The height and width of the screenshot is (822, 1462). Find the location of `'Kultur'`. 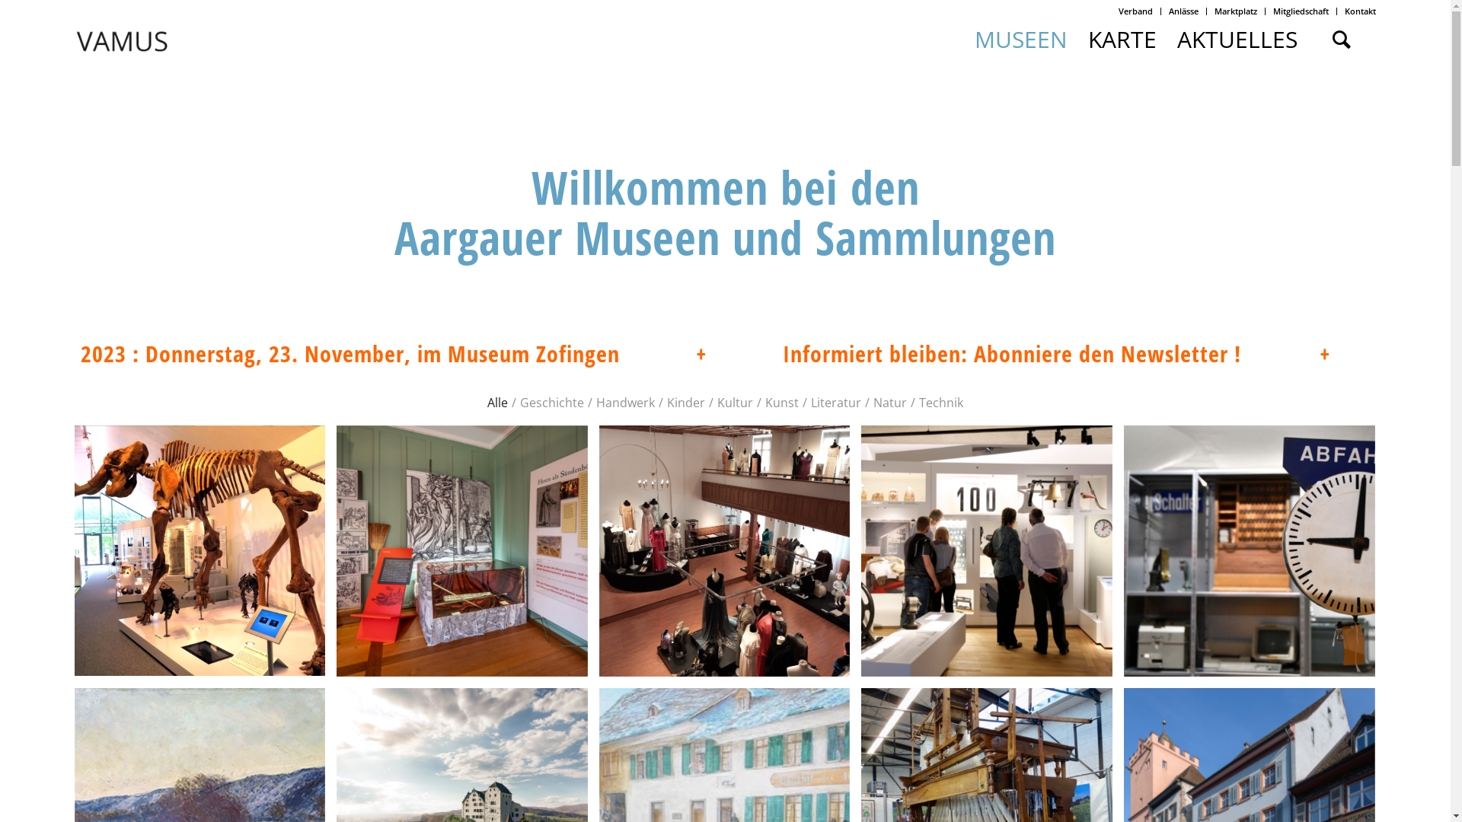

'Kultur' is located at coordinates (735, 383).